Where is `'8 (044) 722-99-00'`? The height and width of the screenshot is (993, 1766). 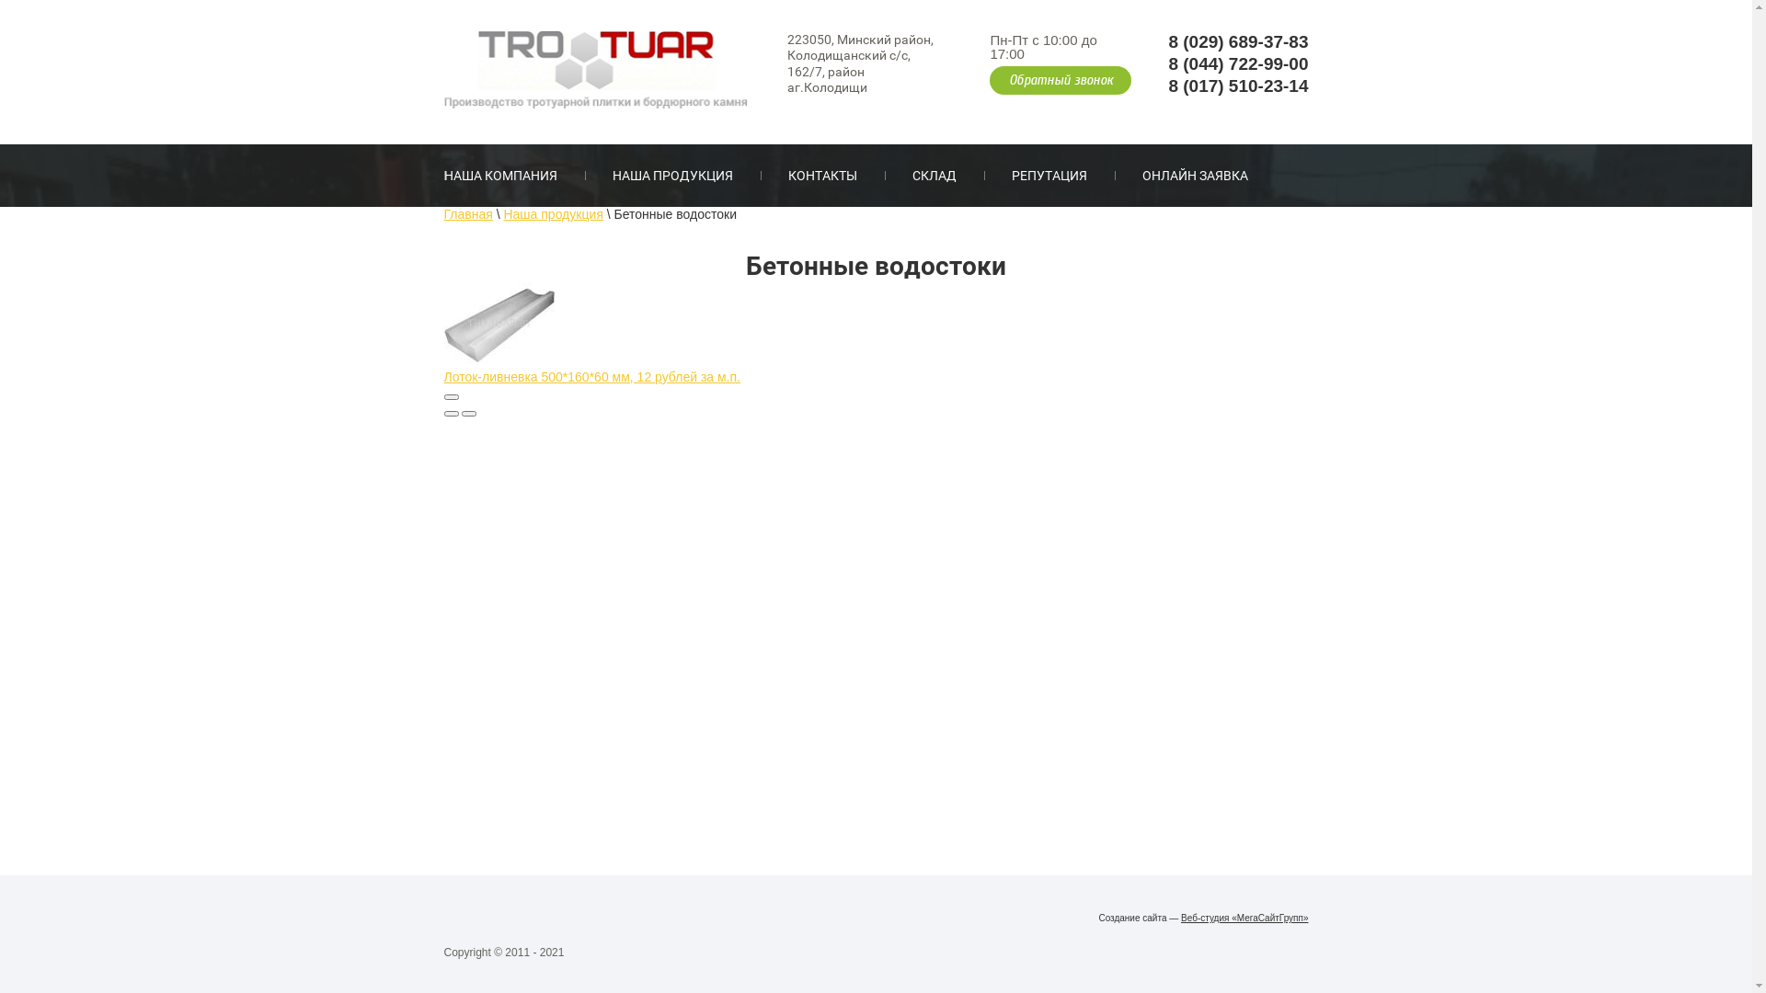 '8 (044) 722-99-00' is located at coordinates (1167, 63).